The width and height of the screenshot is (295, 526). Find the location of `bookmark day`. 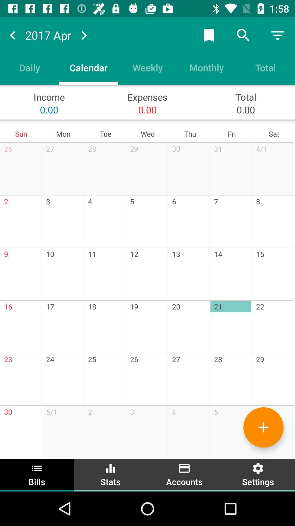

bookmark day is located at coordinates (209, 35).